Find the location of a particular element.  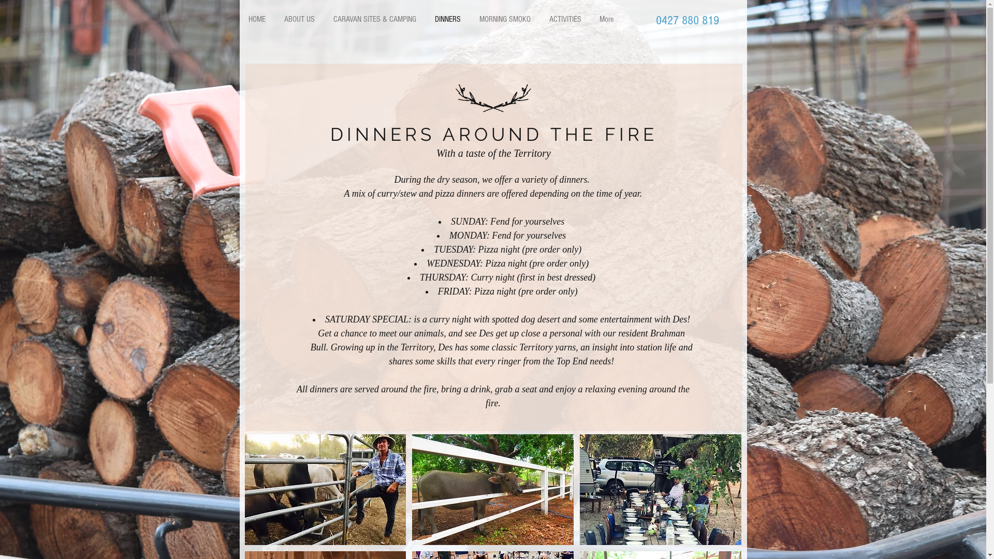

'DINNERS' is located at coordinates (447, 19).